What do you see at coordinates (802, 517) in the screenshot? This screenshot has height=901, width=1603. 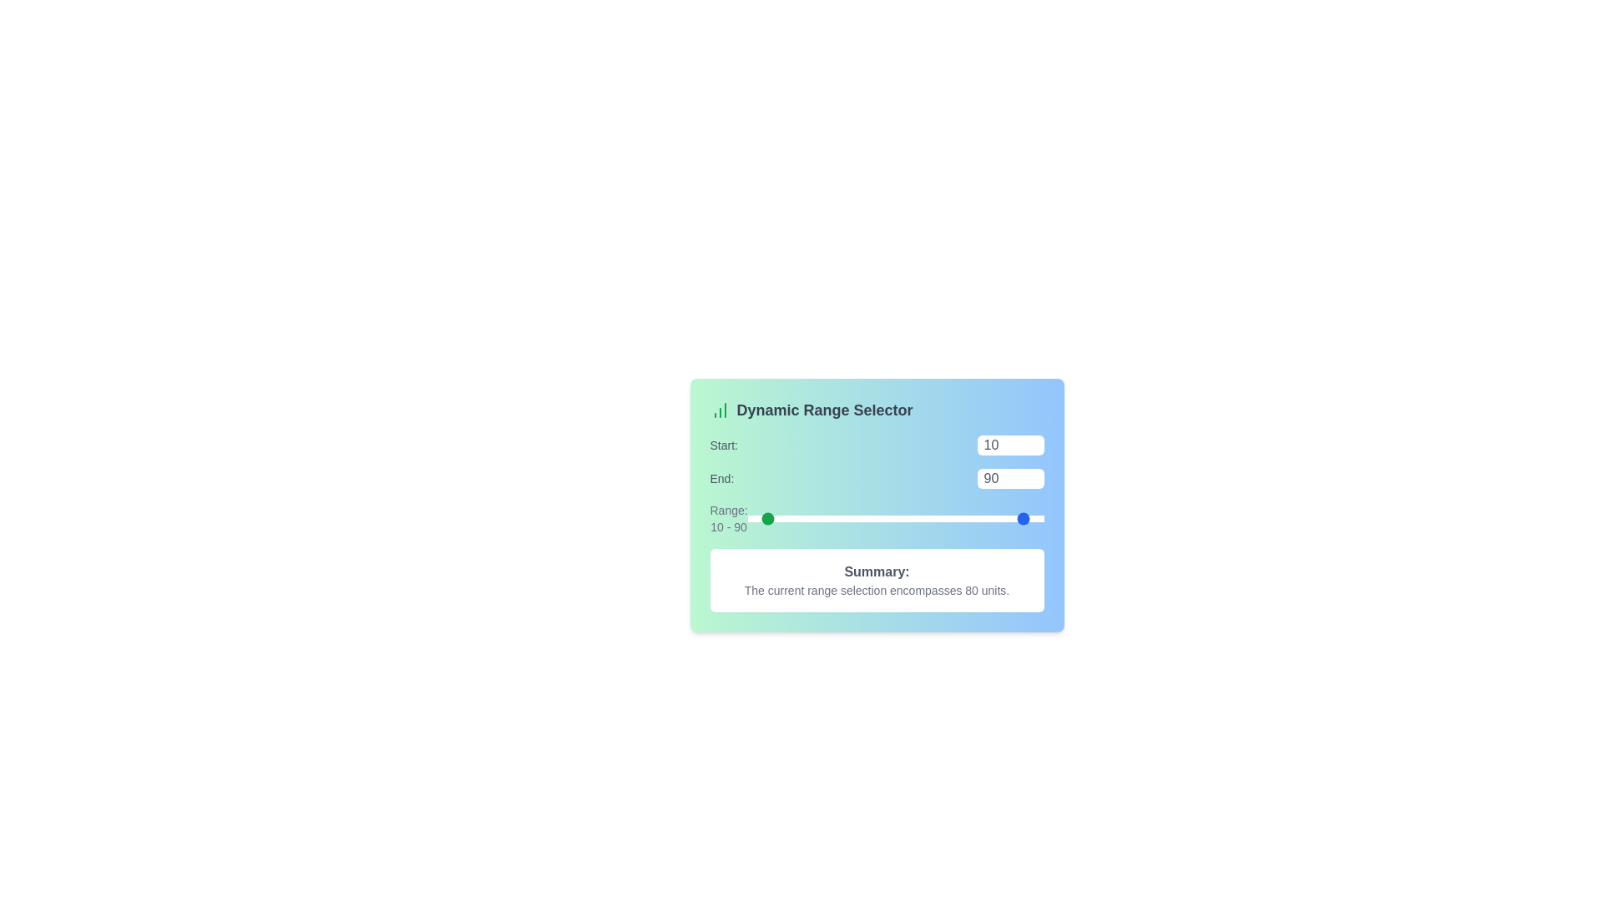 I see `the 'Start' range slider to 37` at bounding box center [802, 517].